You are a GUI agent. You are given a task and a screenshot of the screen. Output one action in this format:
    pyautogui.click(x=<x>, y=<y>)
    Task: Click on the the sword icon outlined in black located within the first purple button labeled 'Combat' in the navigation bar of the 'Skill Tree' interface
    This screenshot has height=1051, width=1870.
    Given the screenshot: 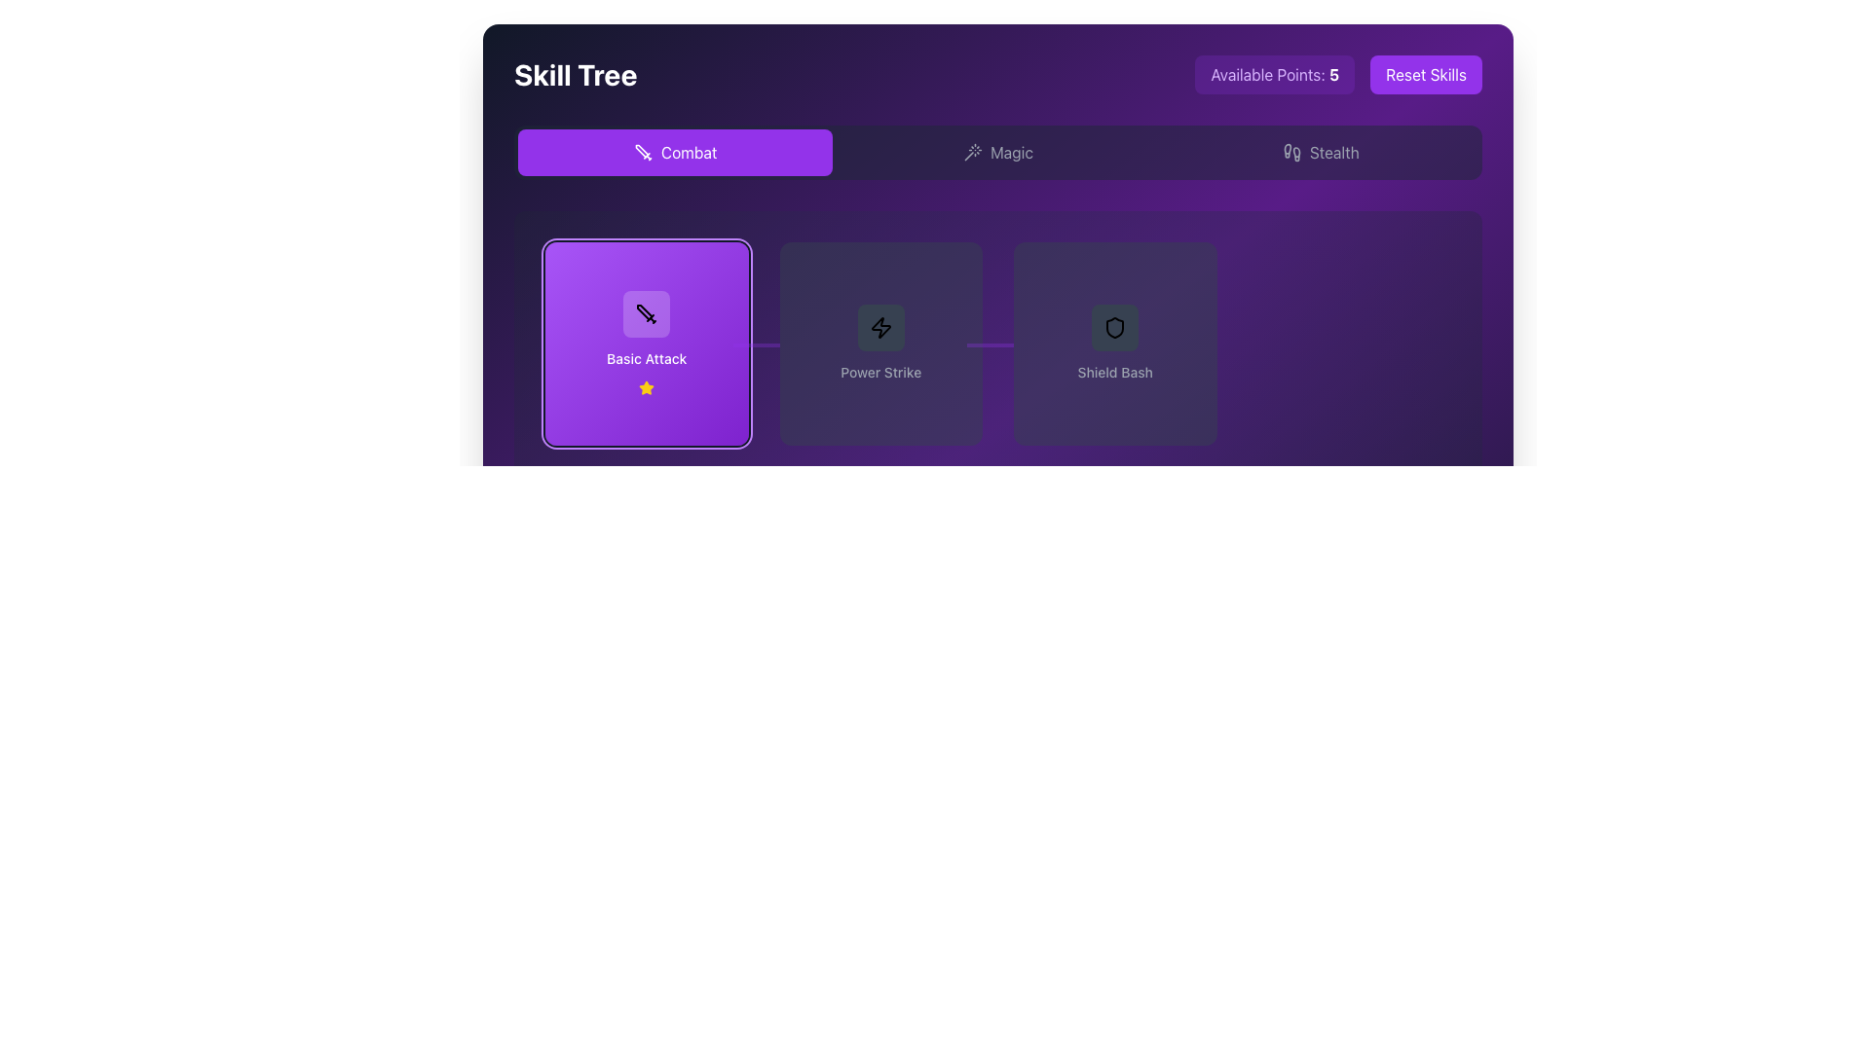 What is the action you would take?
    pyautogui.click(x=643, y=152)
    